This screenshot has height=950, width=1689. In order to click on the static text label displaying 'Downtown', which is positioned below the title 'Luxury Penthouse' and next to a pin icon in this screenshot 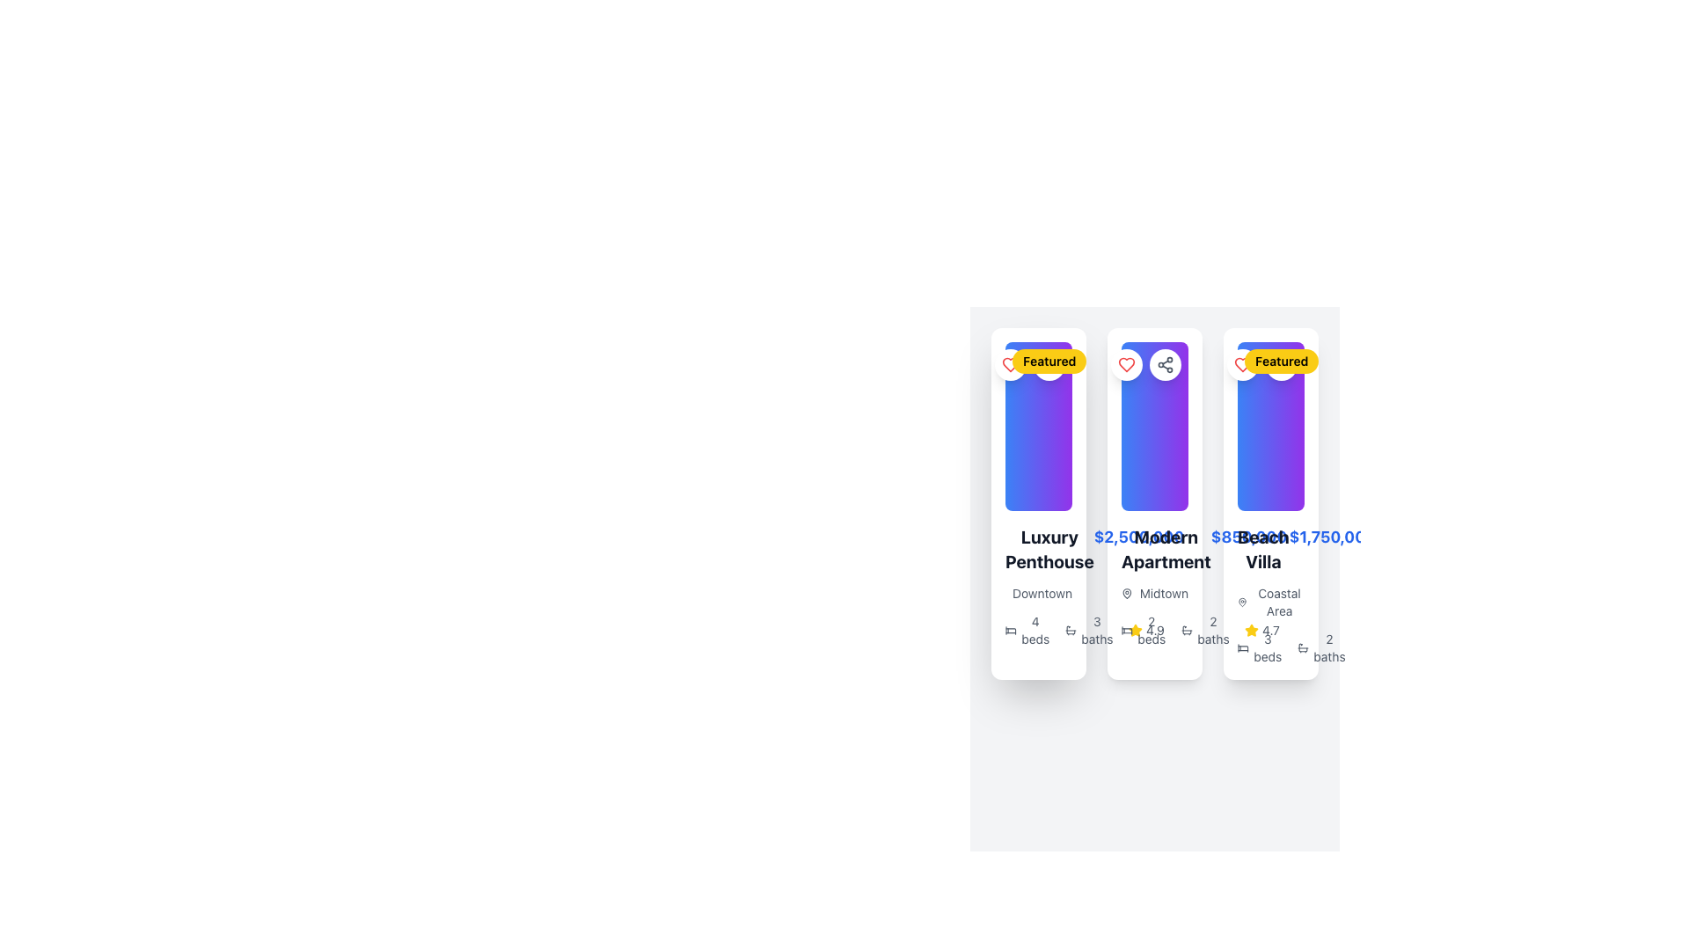, I will do `click(1038, 594)`.